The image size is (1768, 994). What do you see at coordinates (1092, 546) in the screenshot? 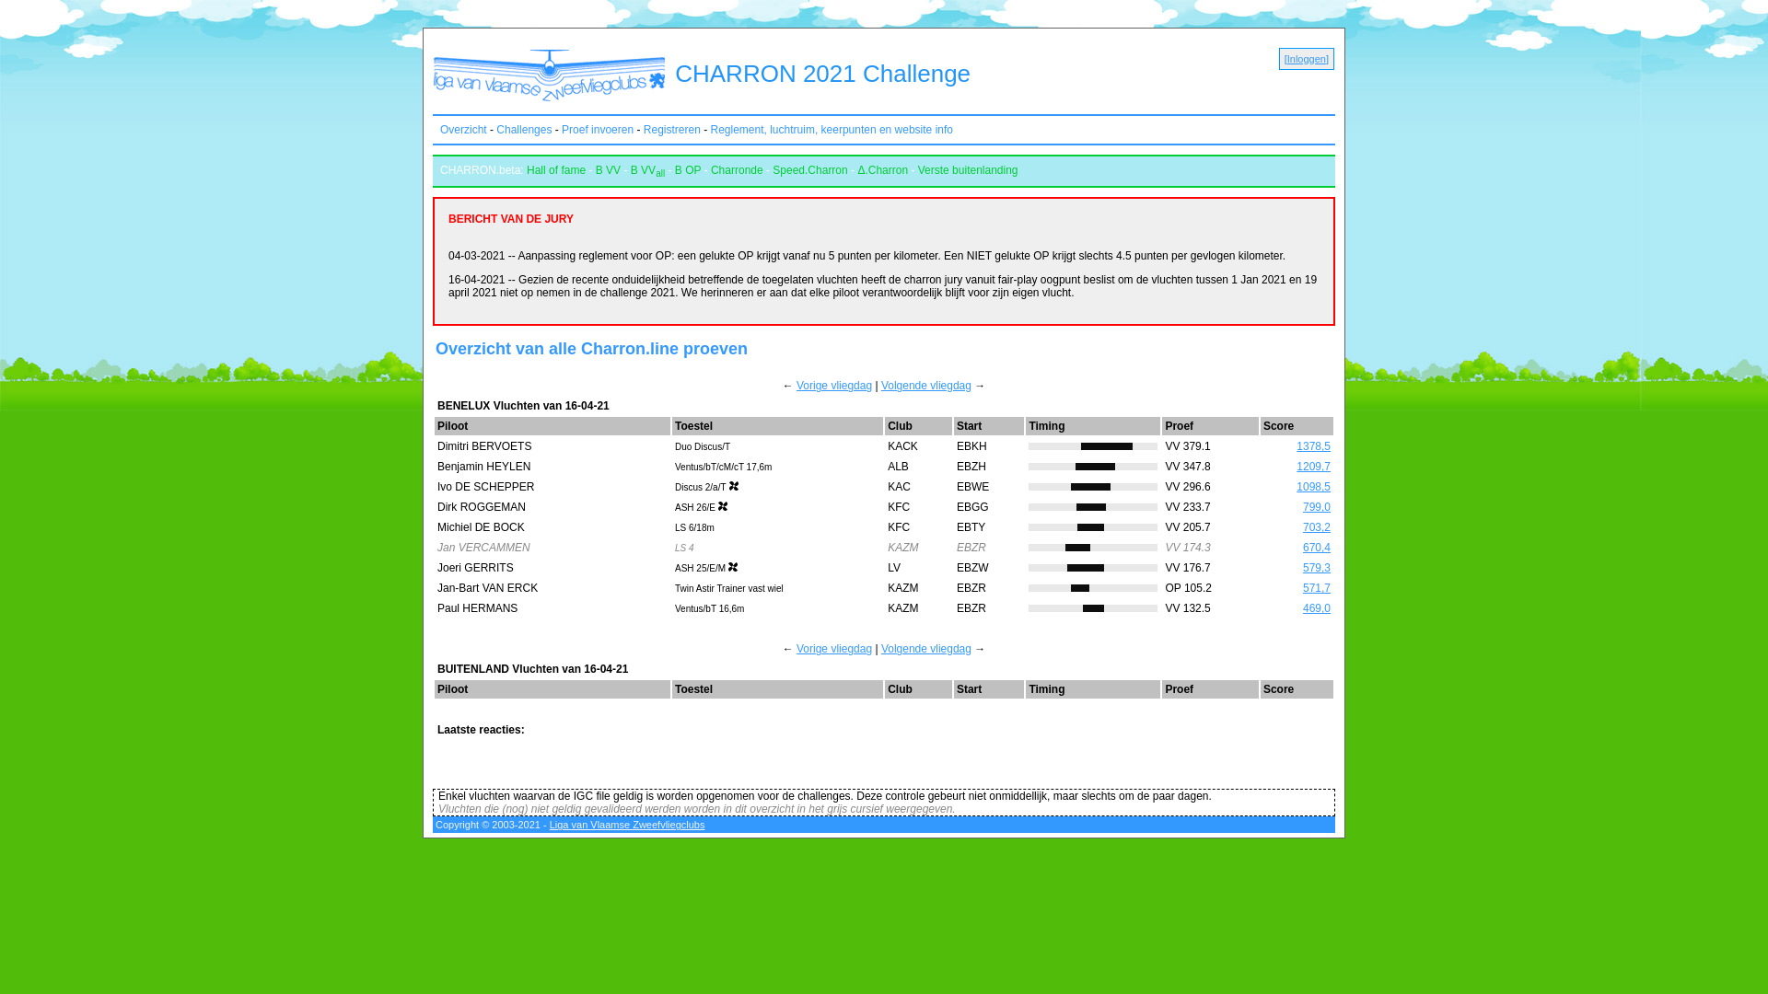
I see `'Begin tijdsbalk: 6:00 UTC, Einde tijdsbalk: 20:00 UTC'` at bounding box center [1092, 546].